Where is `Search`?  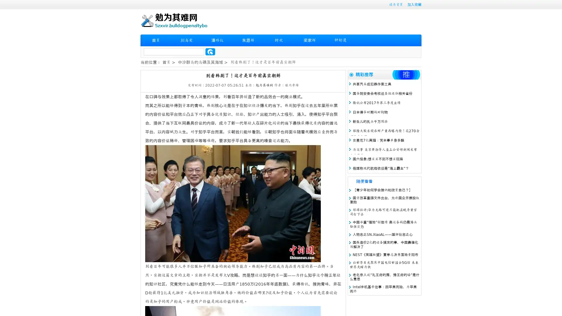
Search is located at coordinates (210, 51).